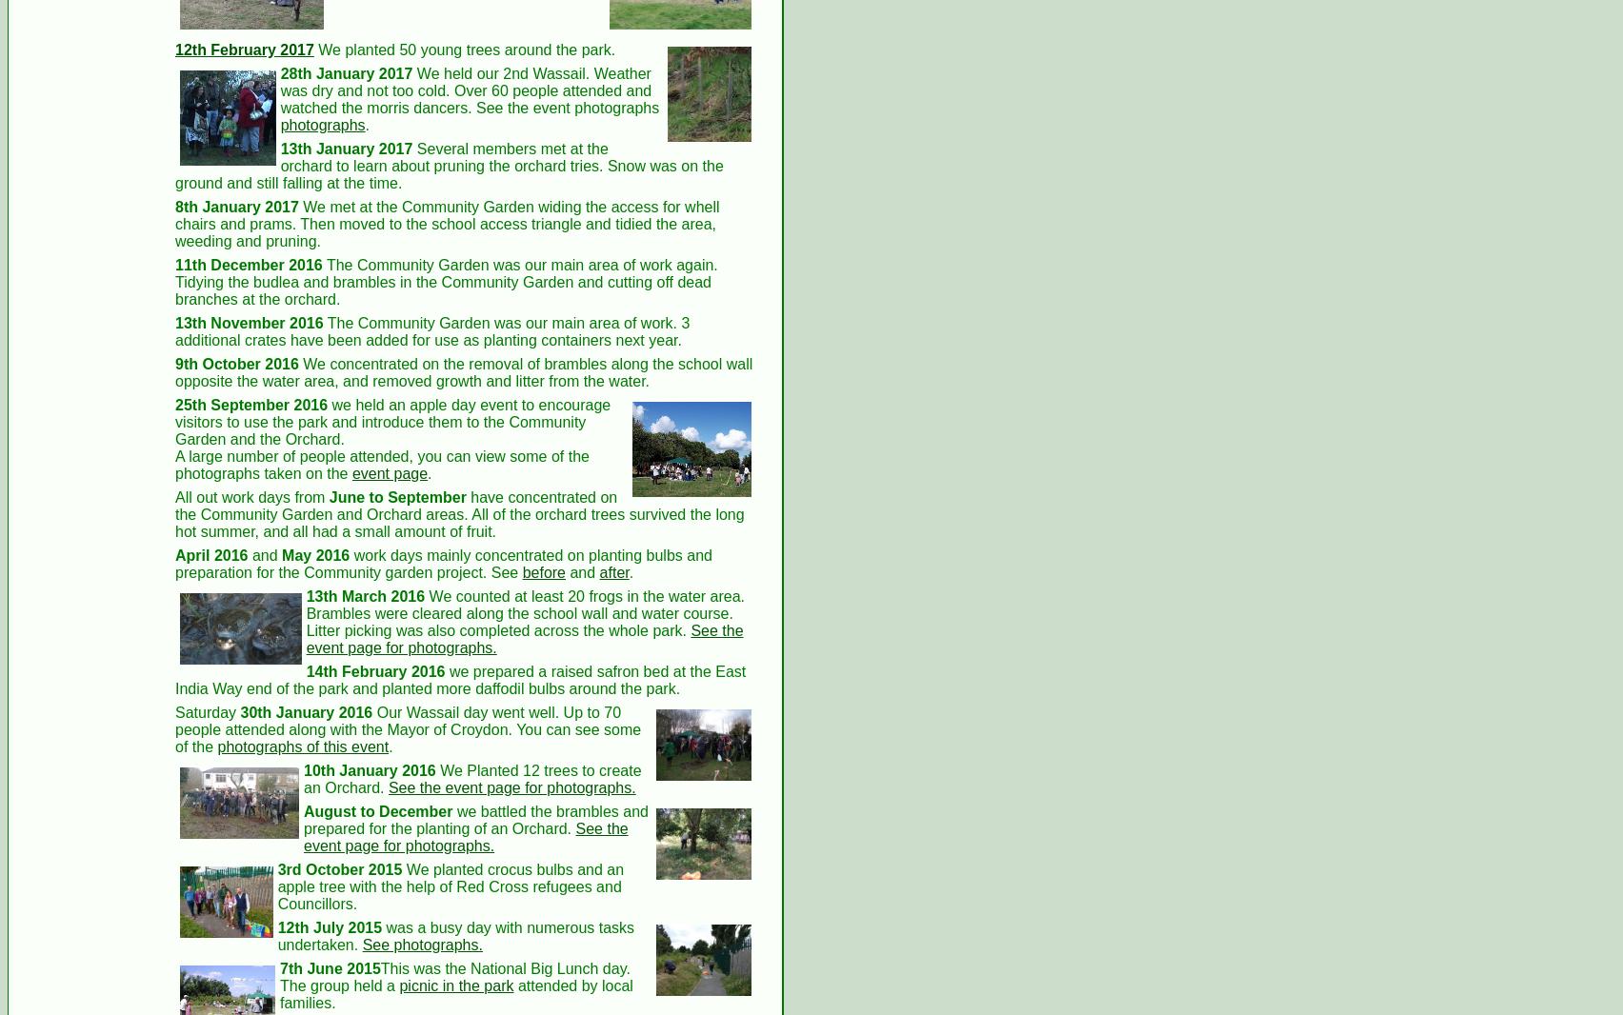  I want to click on 'after', so click(612, 570).